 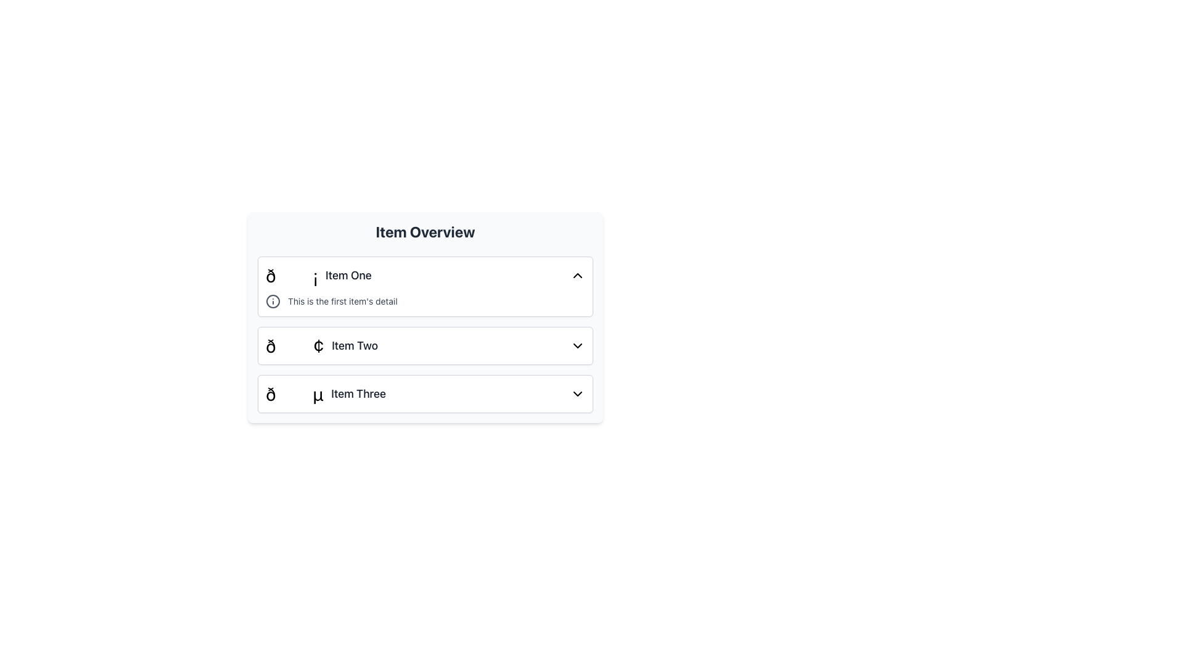 What do you see at coordinates (577, 394) in the screenshot?
I see `the downward-pointing chevron icon located at the far right of the 'Item Three' list entry` at bounding box center [577, 394].